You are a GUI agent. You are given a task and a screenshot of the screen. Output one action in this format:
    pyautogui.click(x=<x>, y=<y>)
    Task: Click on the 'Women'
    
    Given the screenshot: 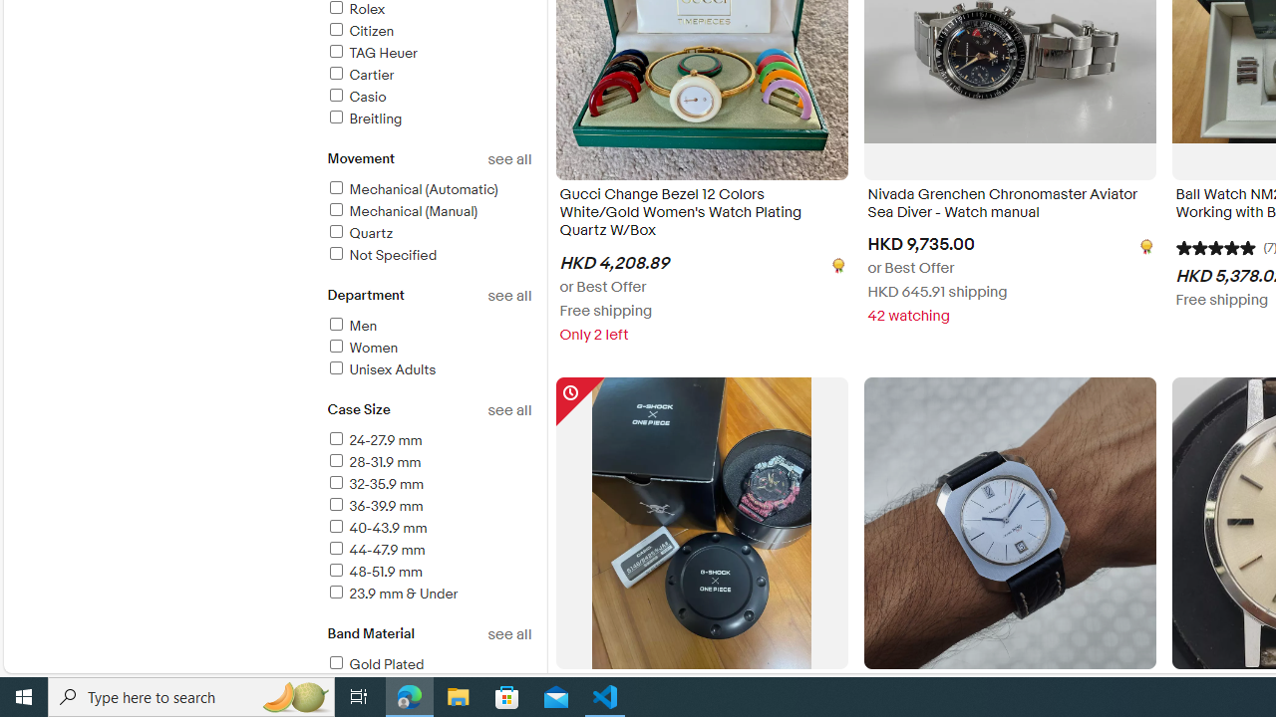 What is the action you would take?
    pyautogui.click(x=428, y=348)
    